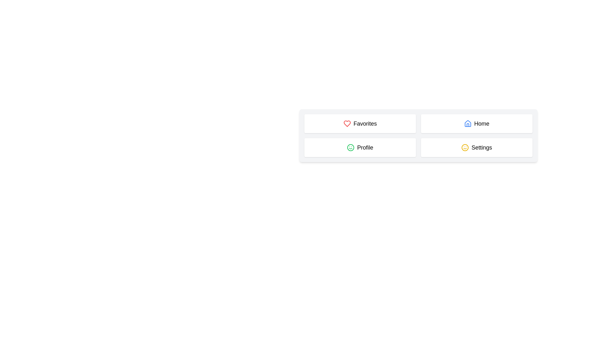 This screenshot has width=605, height=340. I want to click on the 'smile' icon located within the 'Settings' card in the bottom-right corner of the grid layout, so click(465, 148).